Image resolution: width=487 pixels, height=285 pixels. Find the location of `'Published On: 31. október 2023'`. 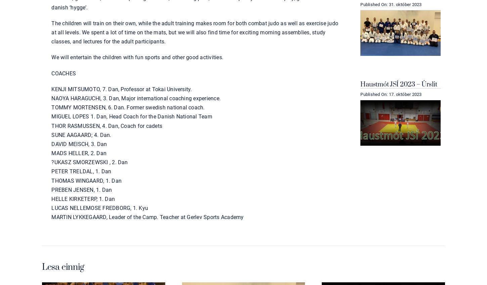

'Published On: 31. október 2023' is located at coordinates (391, 4).